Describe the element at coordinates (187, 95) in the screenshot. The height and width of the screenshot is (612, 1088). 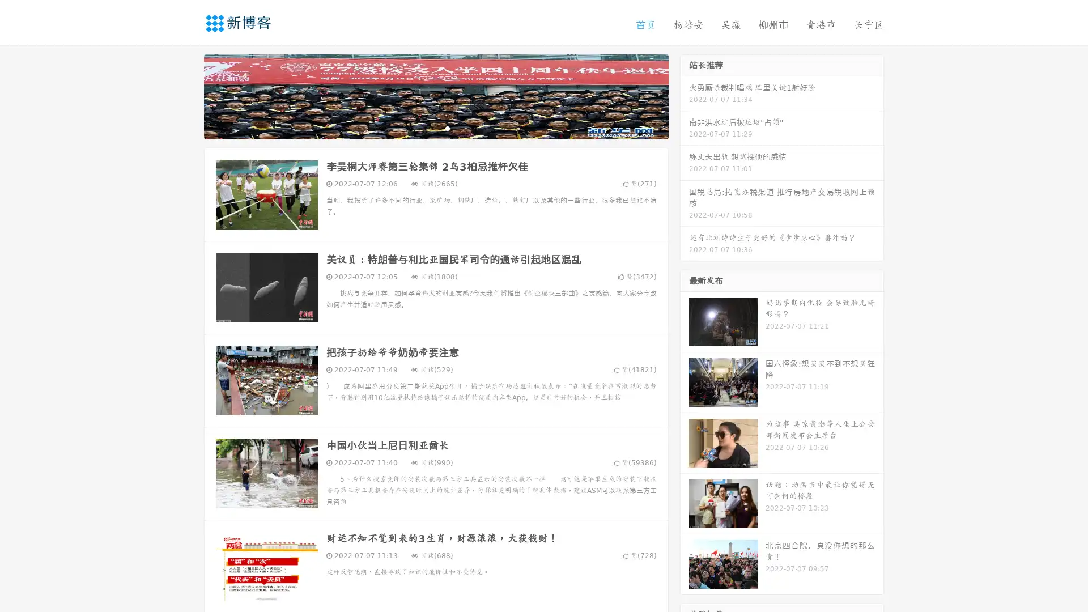
I see `Previous slide` at that location.